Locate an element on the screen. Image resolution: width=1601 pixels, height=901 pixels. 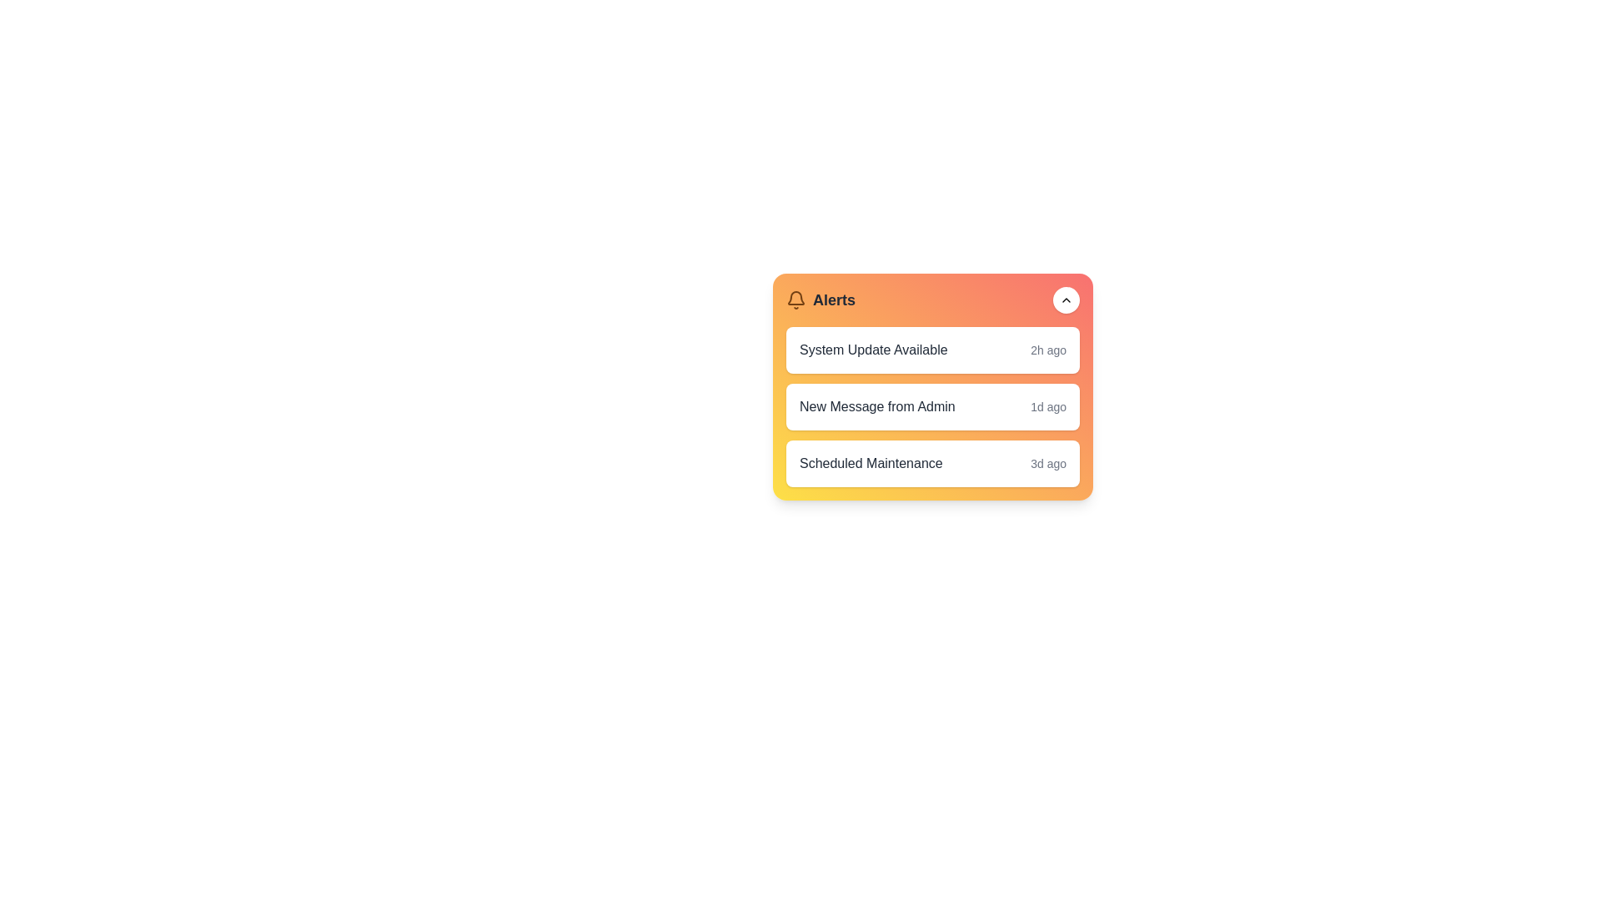
the alert item corresponding to 1 is located at coordinates (931, 350).